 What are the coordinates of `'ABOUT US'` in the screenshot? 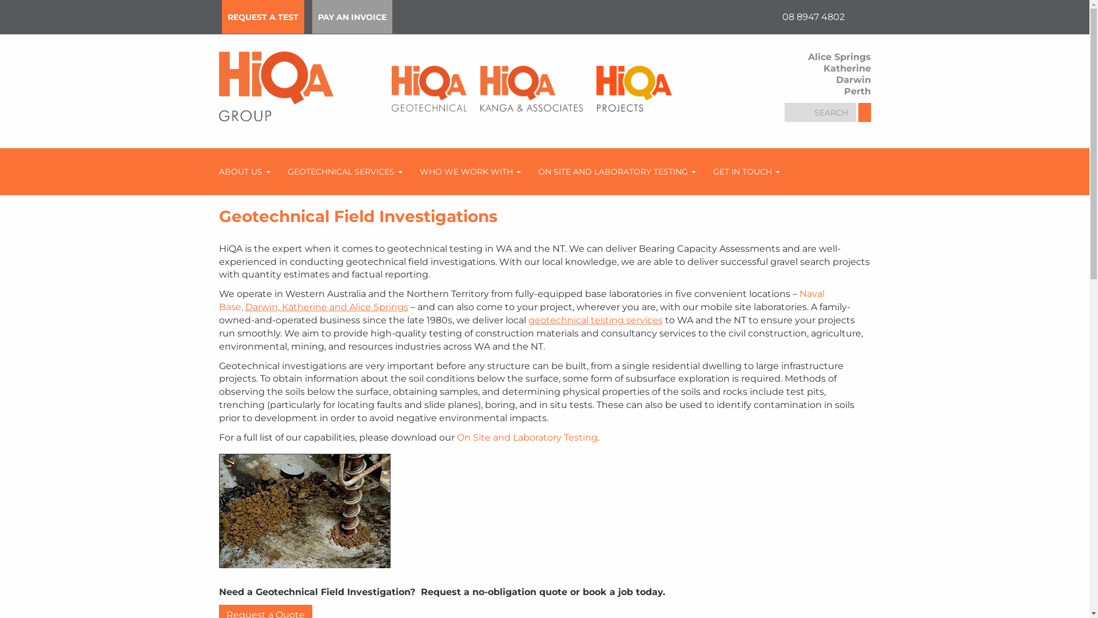 It's located at (244, 172).